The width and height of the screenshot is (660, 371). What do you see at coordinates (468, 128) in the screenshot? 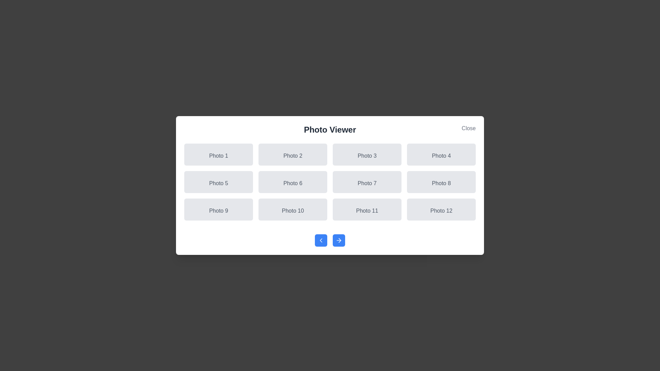
I see `the 'Close' button to close the dialog` at bounding box center [468, 128].